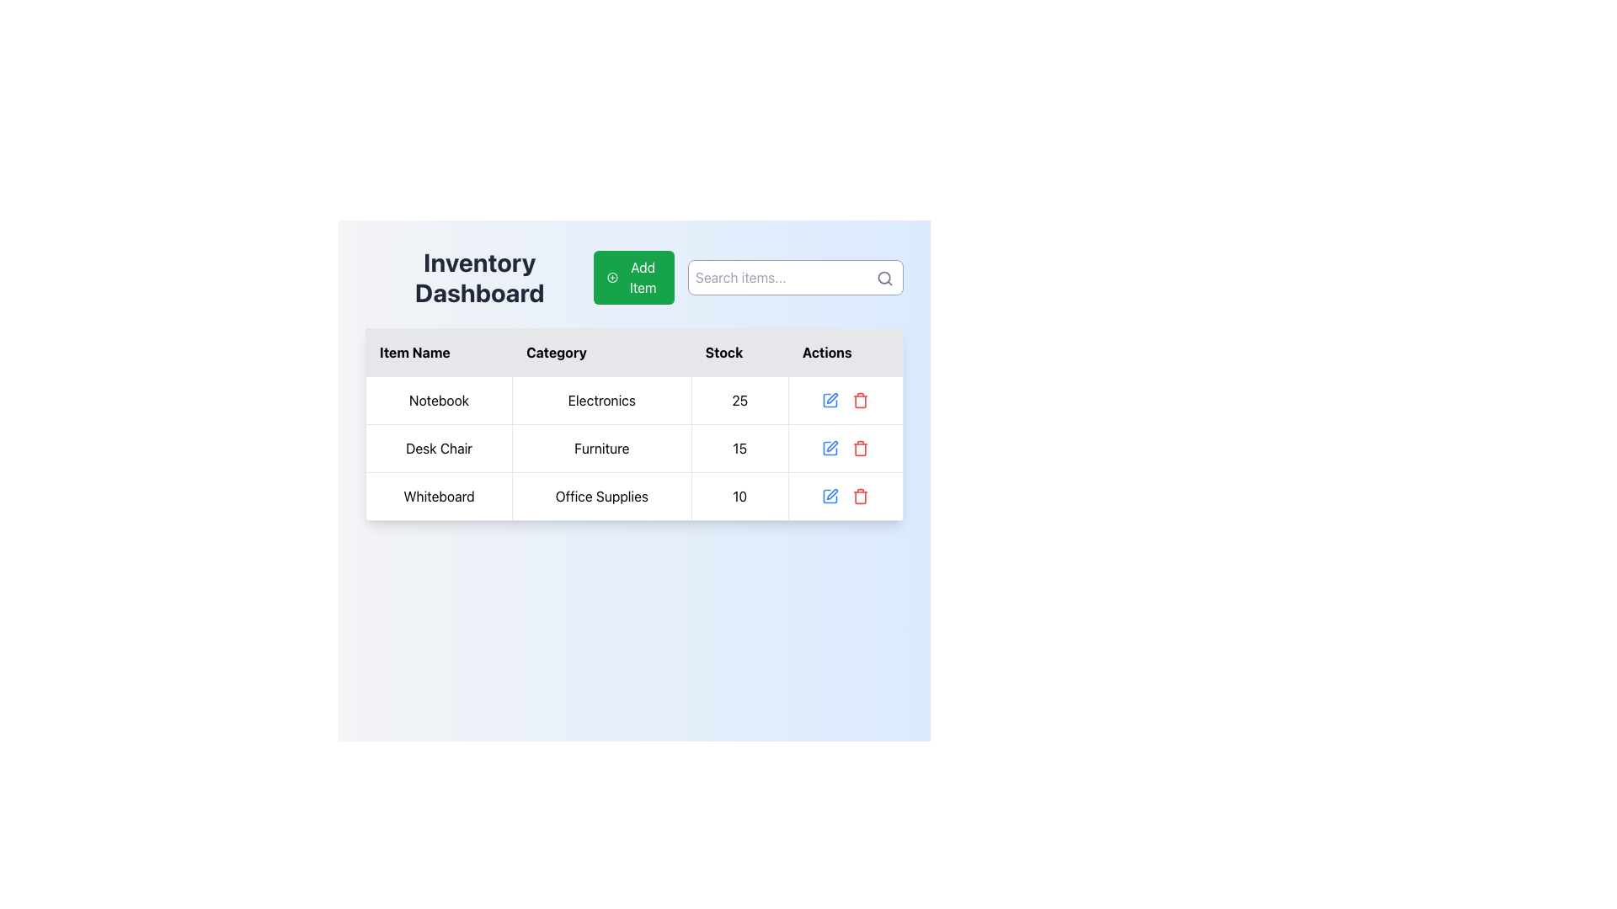  I want to click on the Text Field displaying the numerical value '15' in the 'Stock' column of the second row, adjacent to the 'Furniture' cell and associated with 'Desk Chair', so click(739, 447).